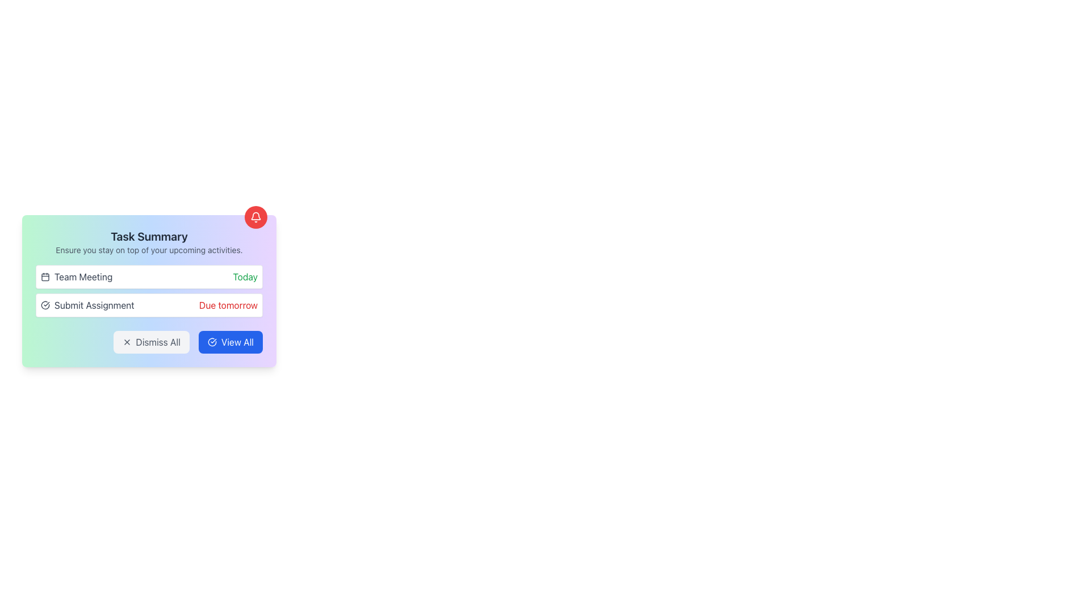 The width and height of the screenshot is (1090, 613). What do you see at coordinates (149, 249) in the screenshot?
I see `the text label that says 'Ensure you stay on top of your upcoming activities.', which is styled with a smaller font size and gray color, located below the 'Task Summary' heading and above the list of tasks` at bounding box center [149, 249].